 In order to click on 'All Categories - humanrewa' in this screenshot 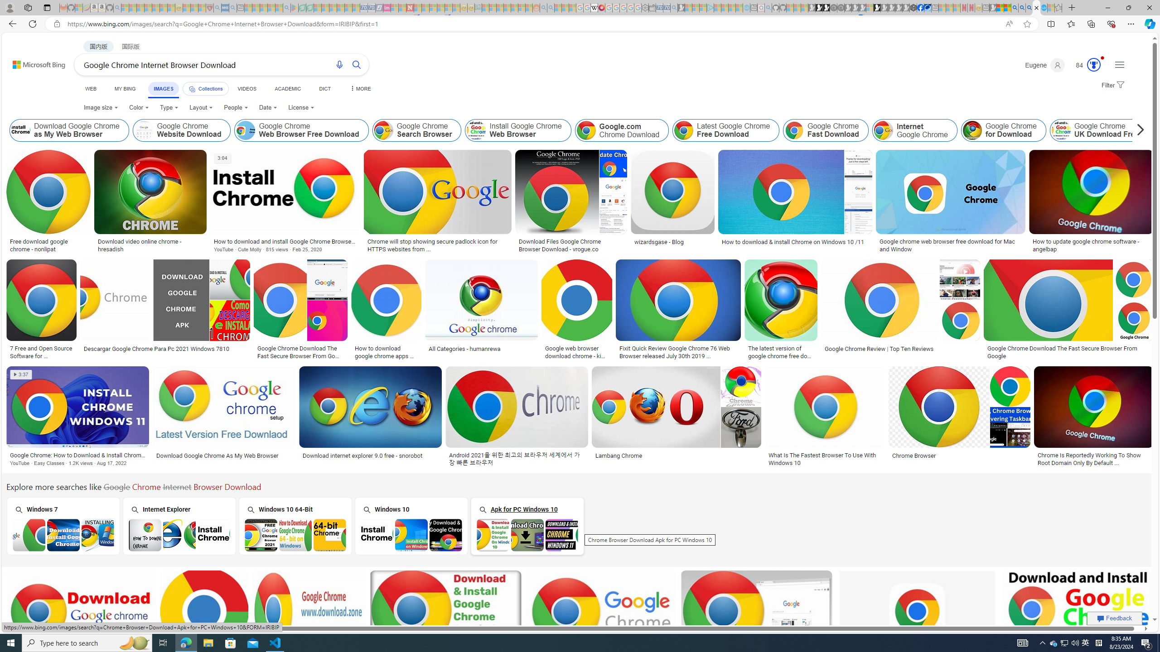, I will do `click(465, 348)`.